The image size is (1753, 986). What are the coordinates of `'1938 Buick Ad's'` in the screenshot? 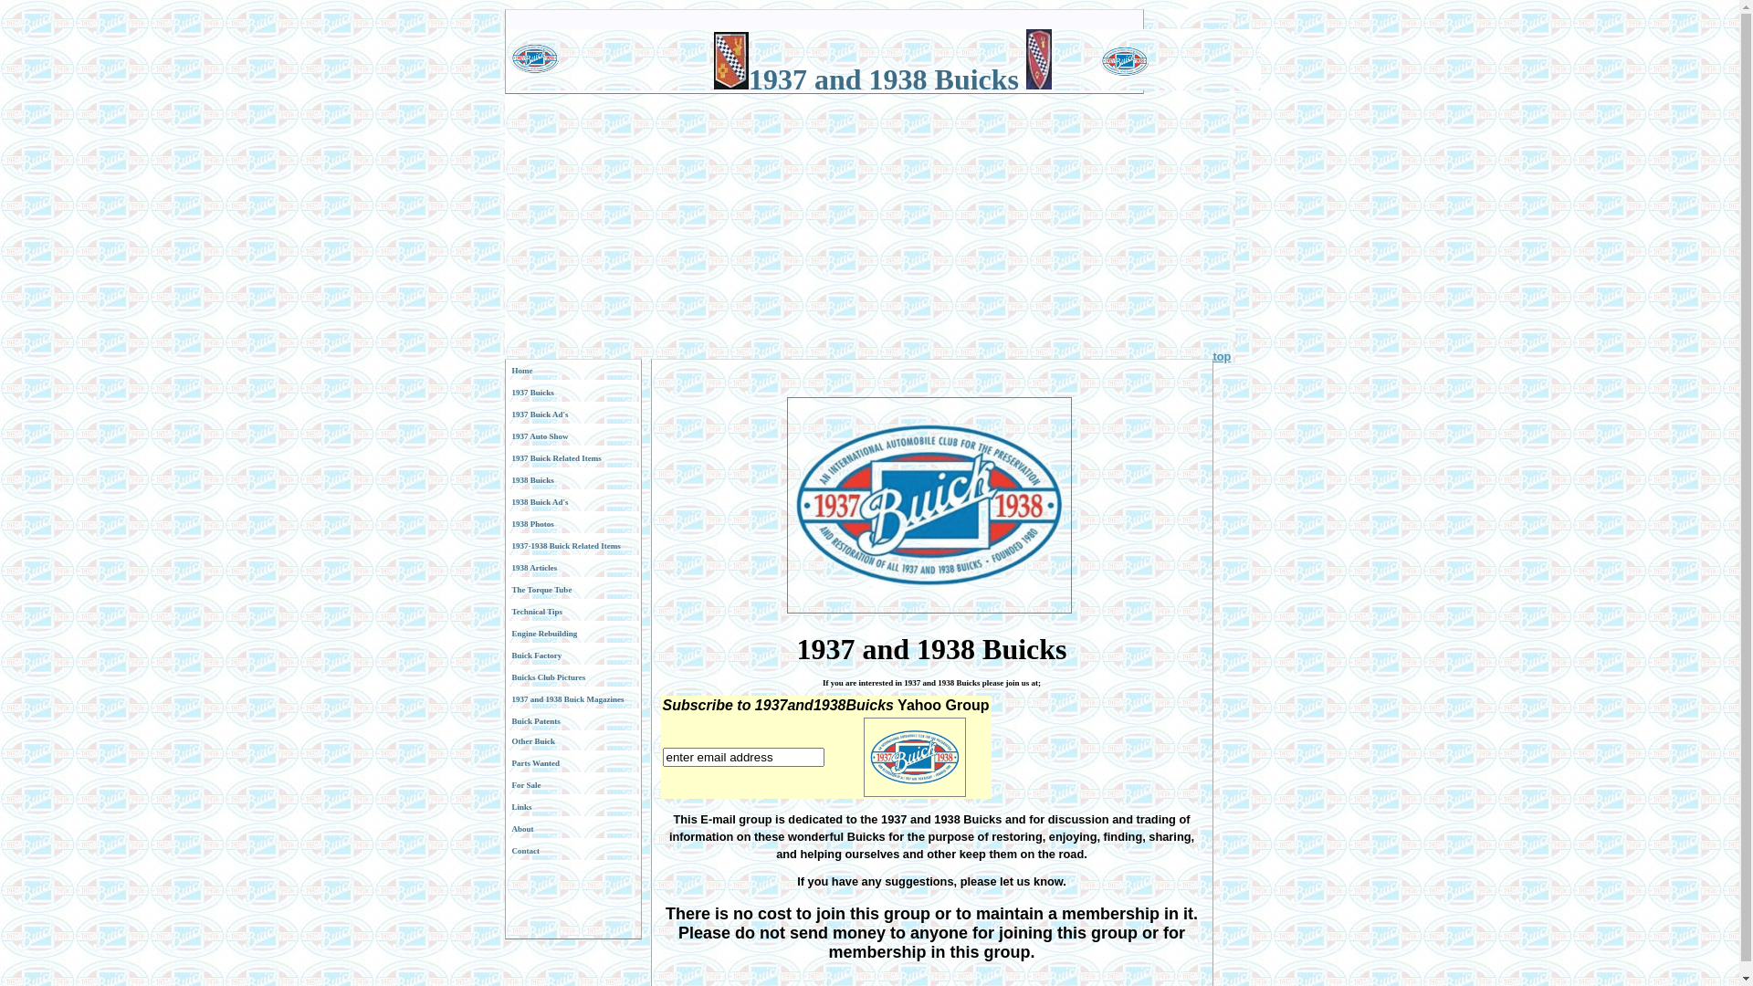 It's located at (505, 502).